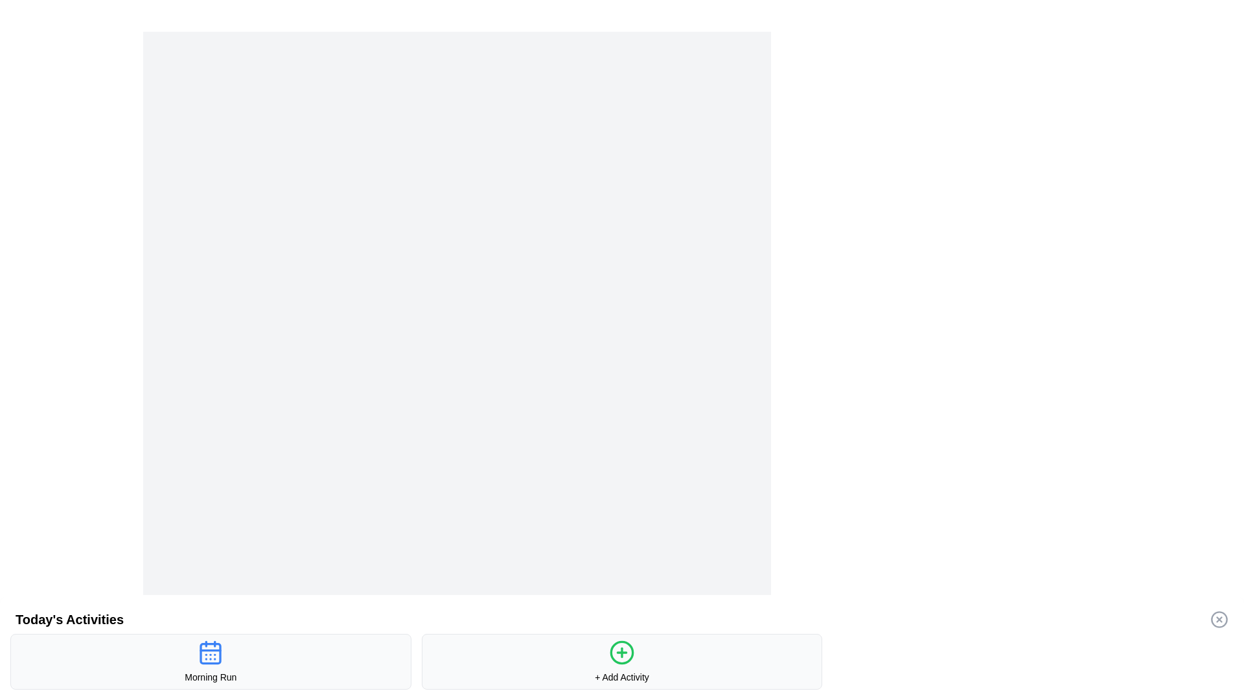 The height and width of the screenshot is (700, 1244). I want to click on the 'Morning Run' Card component, which is the leftmost block in a grid layout located in the bottom-left region of the interface, so click(211, 662).